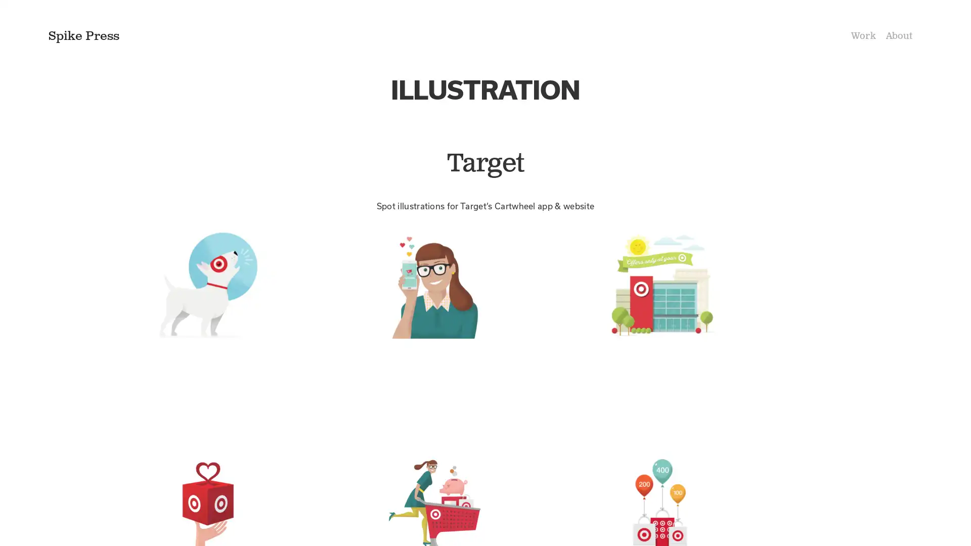 Image resolution: width=971 pixels, height=546 pixels. I want to click on View fullsize 03.png, so click(712, 334).